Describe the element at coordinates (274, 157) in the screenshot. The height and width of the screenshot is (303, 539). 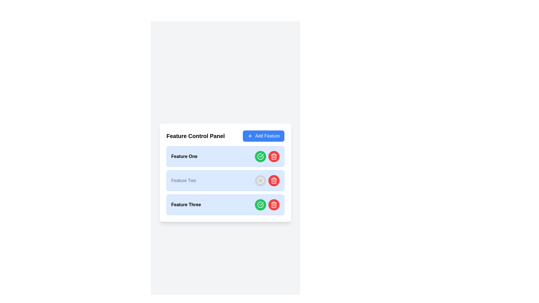
I see `the delete button located on the right side of the first row in the 'Feature Control Panel'` at that location.